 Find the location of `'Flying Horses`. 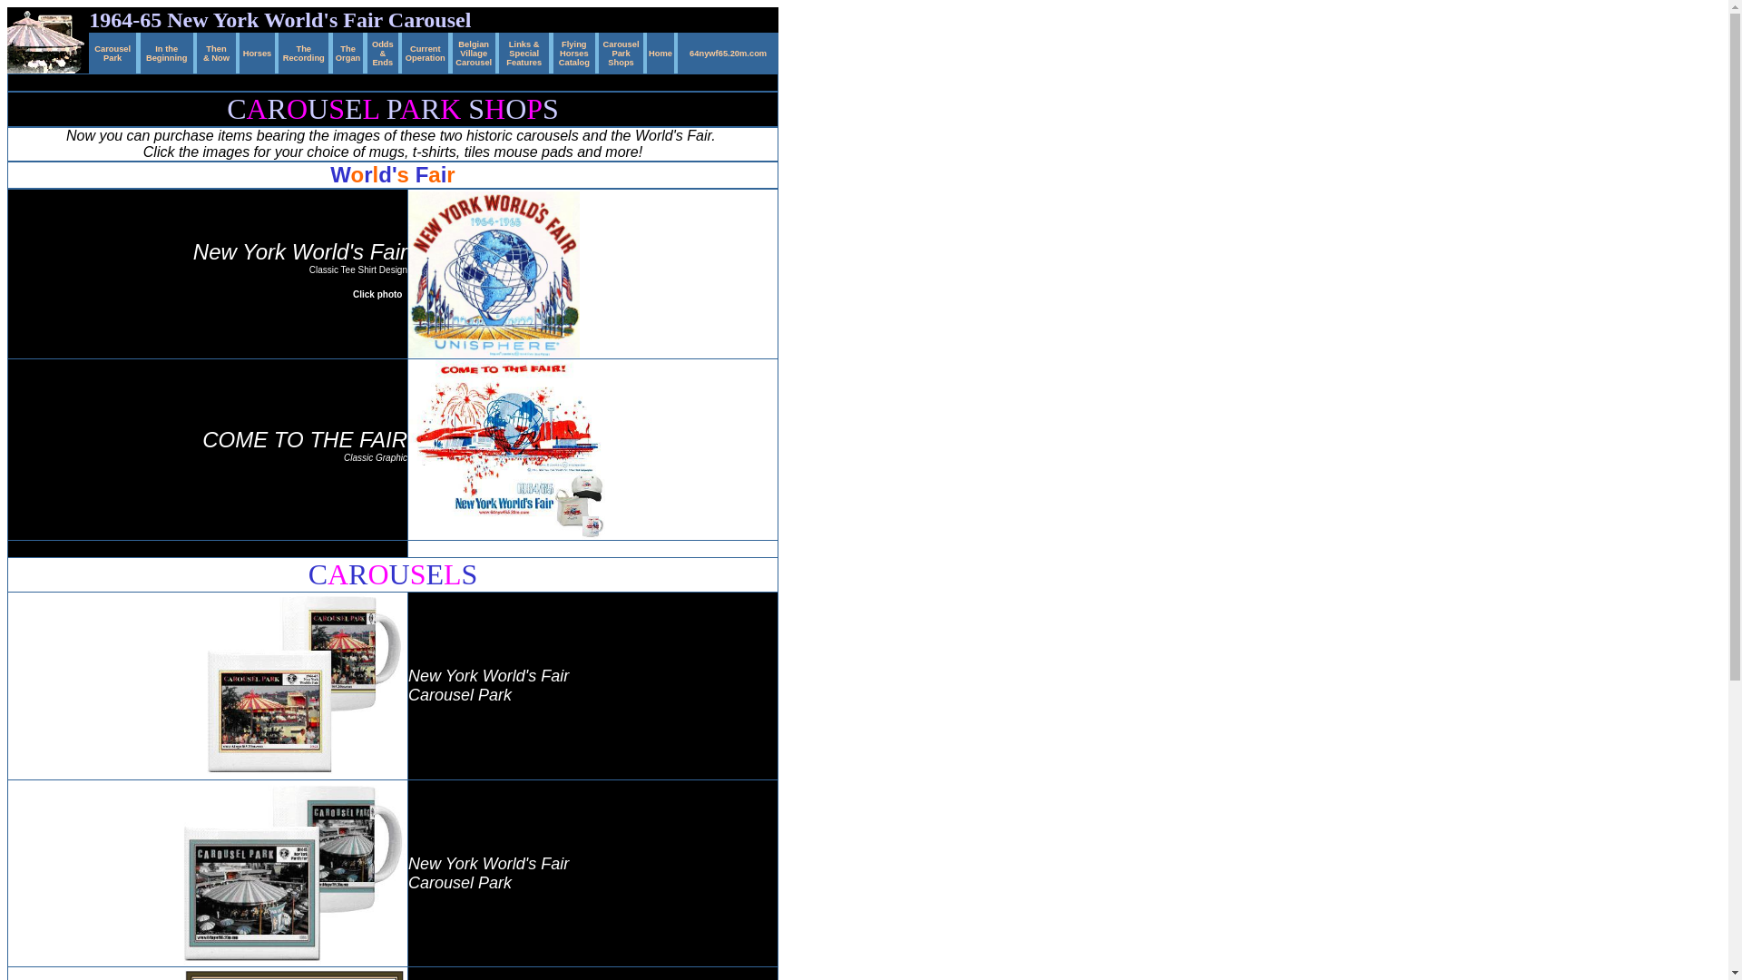

'Flying Horses is located at coordinates (573, 50).